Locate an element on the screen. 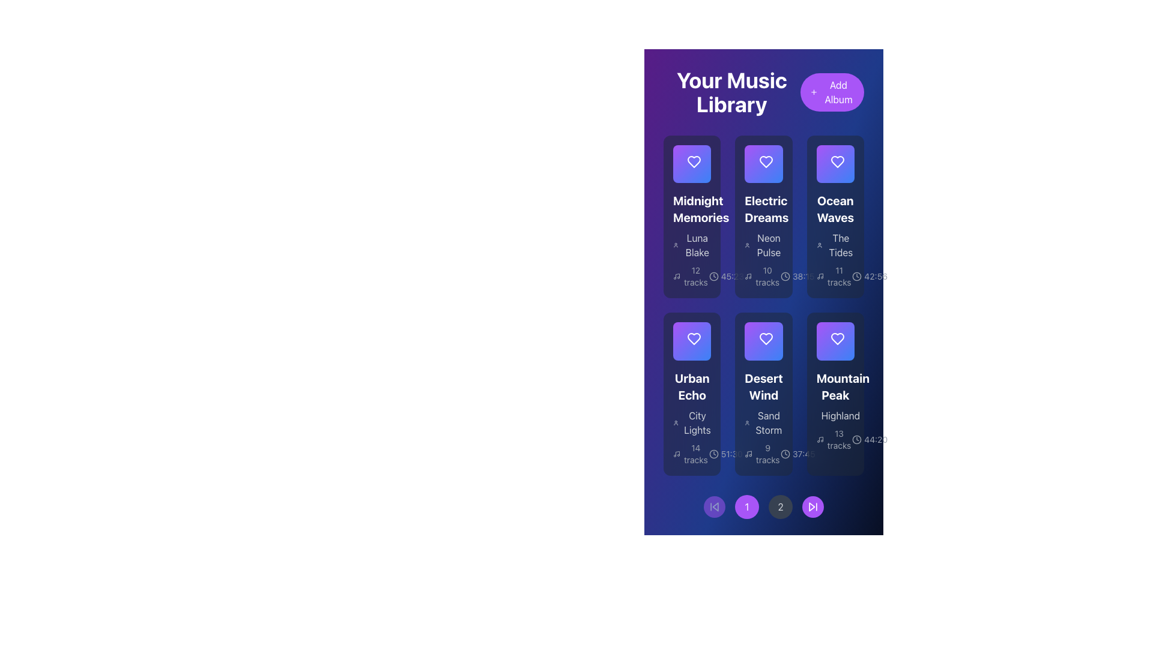  the circular button with a purple background and the white number '1' in its center for keyboard interaction is located at coordinates (746, 506).